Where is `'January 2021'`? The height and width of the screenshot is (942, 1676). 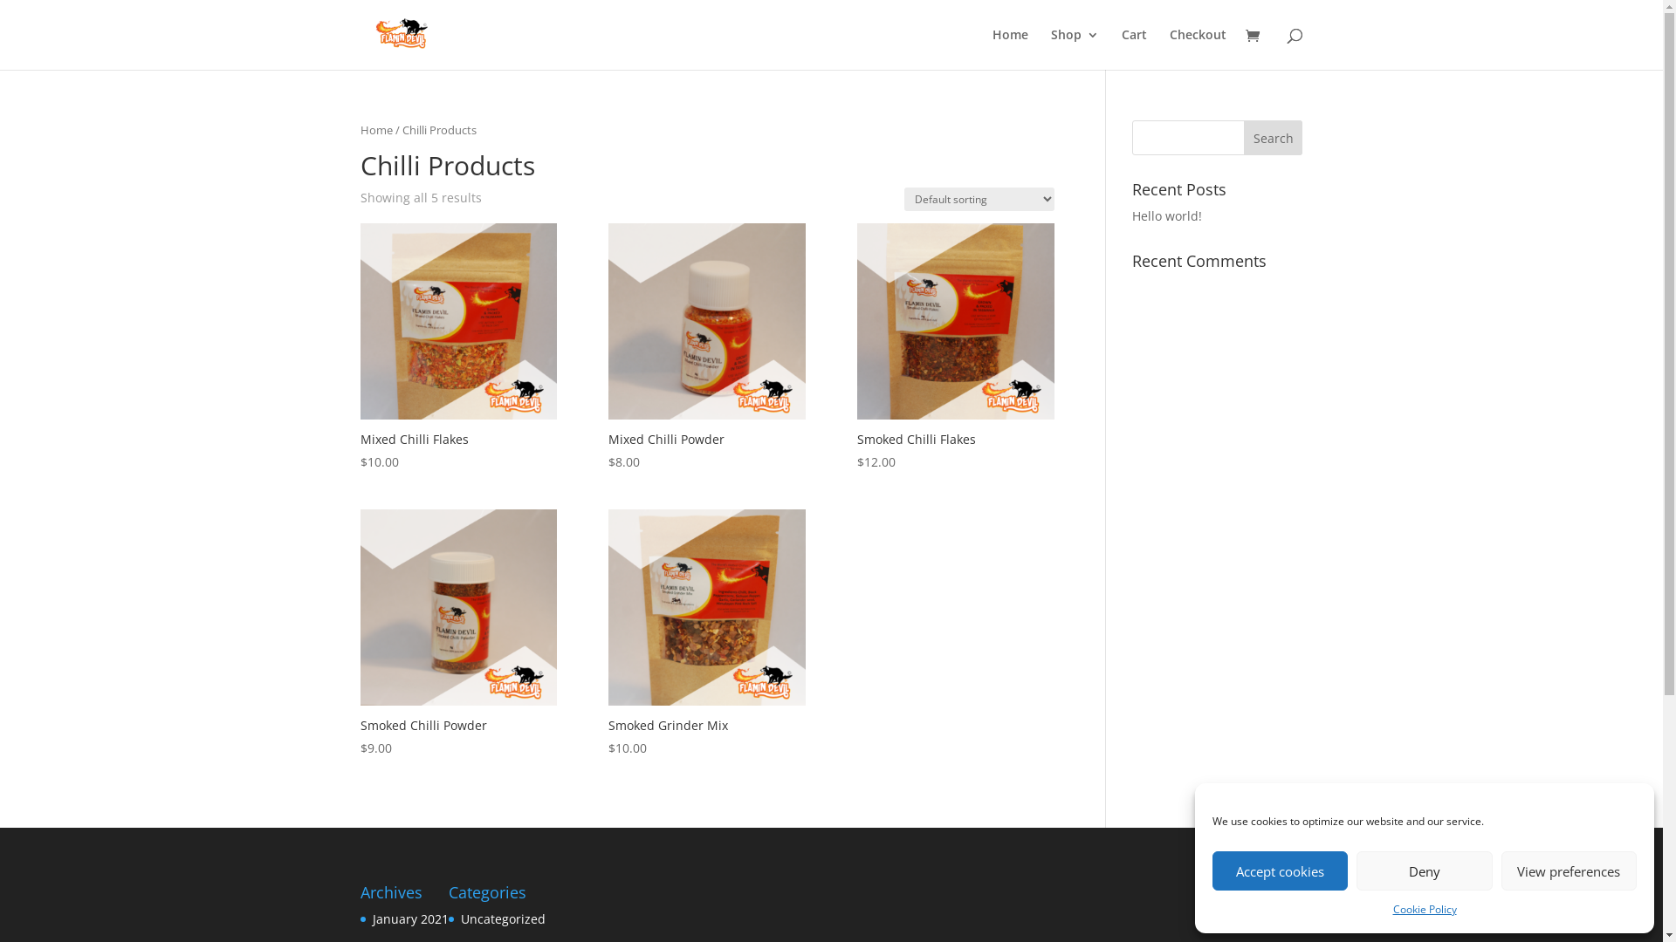 'January 2021' is located at coordinates (371, 918).